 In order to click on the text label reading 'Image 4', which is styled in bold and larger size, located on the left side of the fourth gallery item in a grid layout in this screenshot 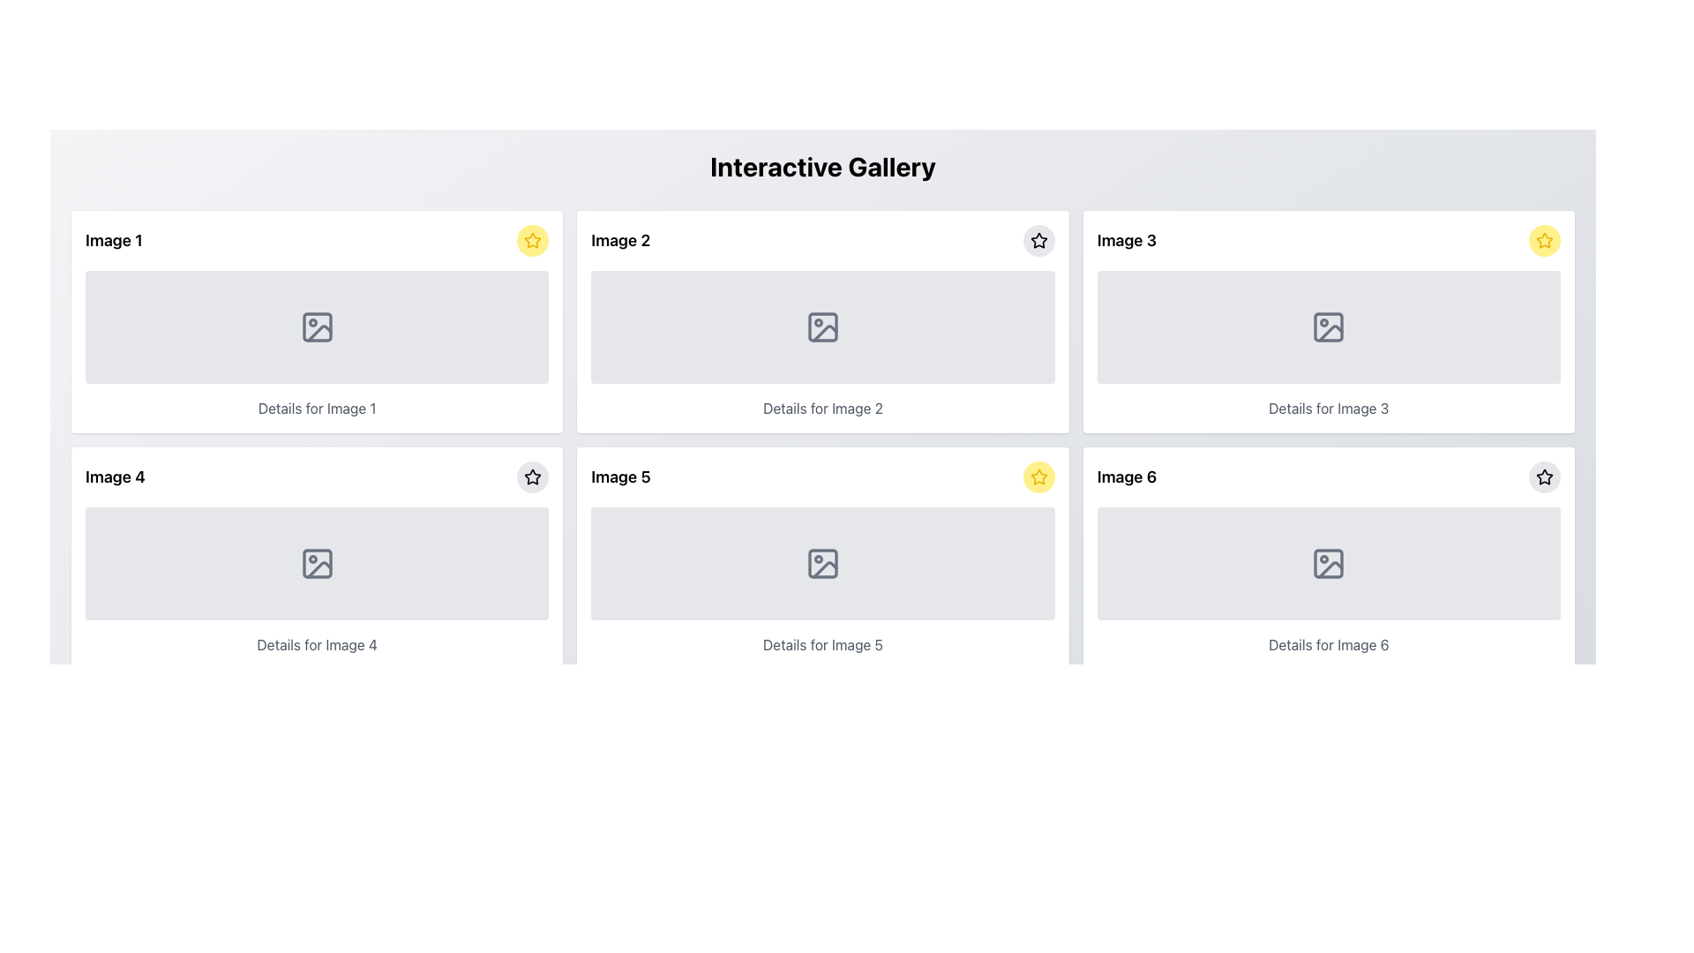, I will do `click(114, 476)`.